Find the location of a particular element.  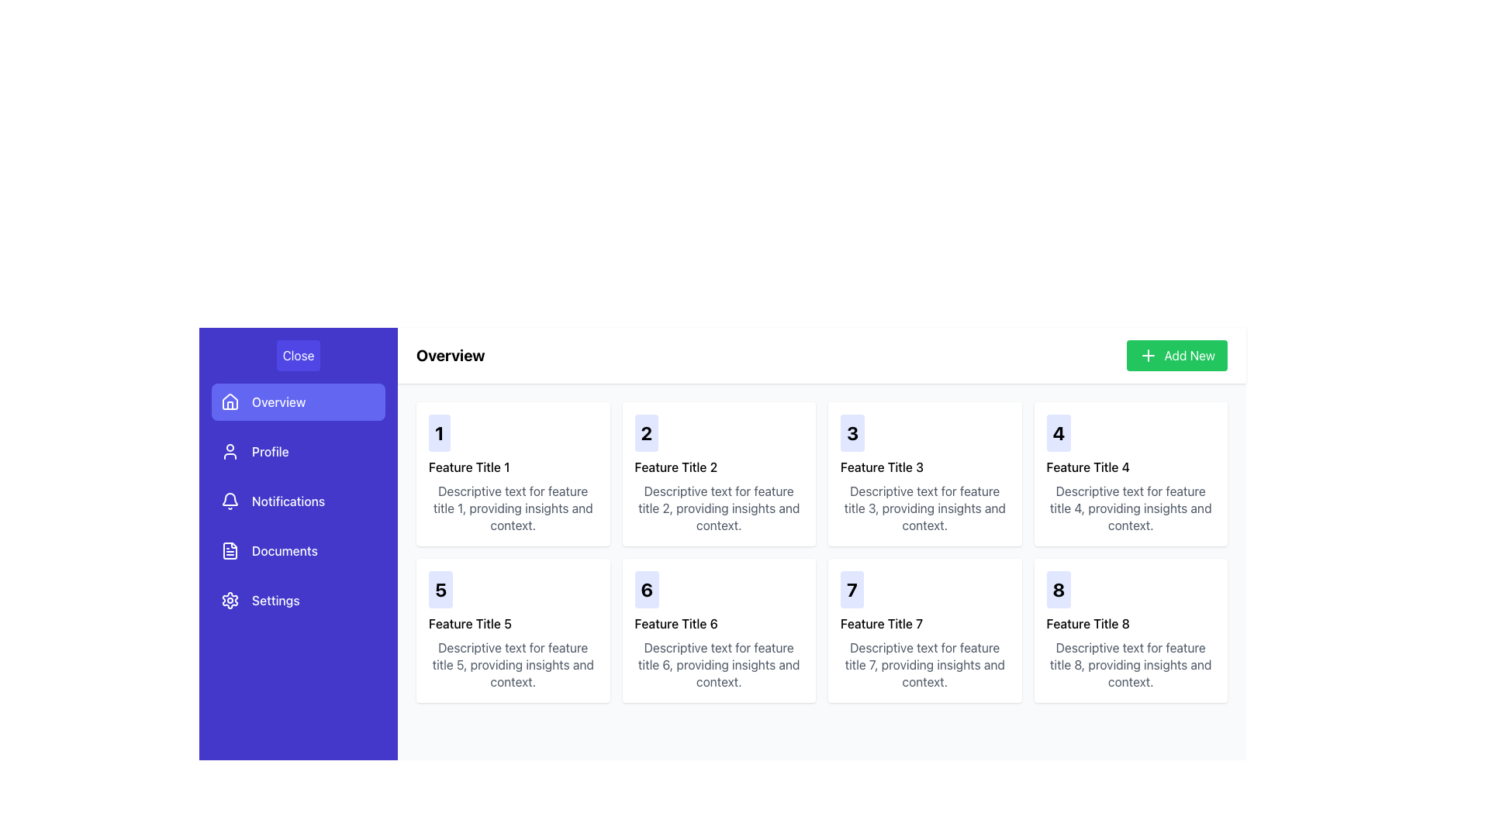

the Bell Icon located next to the 'Notifications' label in the sidebar menu is located at coordinates (230, 499).